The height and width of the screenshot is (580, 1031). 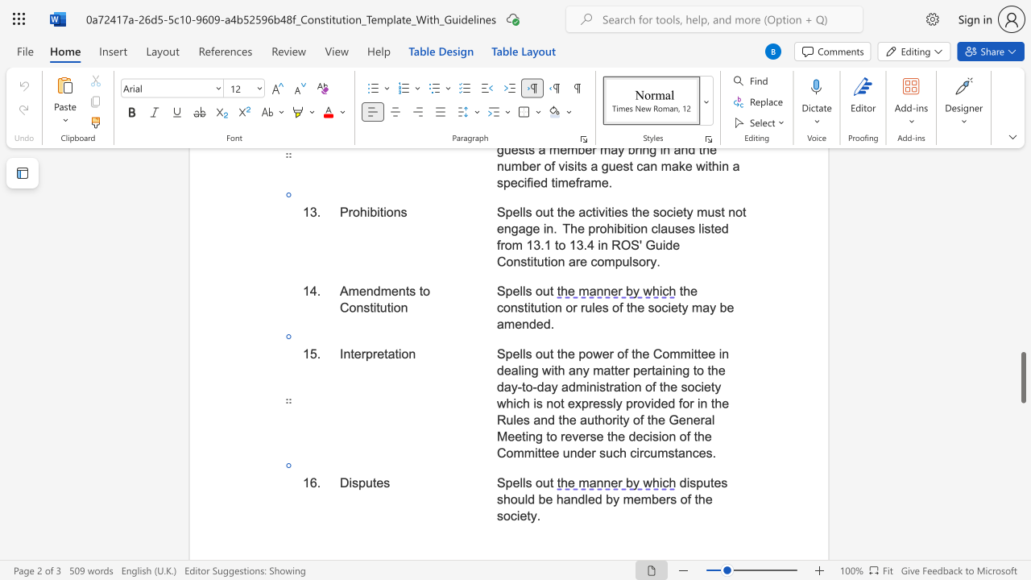 What do you see at coordinates (521, 482) in the screenshot?
I see `the 1th character "l" in the text` at bounding box center [521, 482].